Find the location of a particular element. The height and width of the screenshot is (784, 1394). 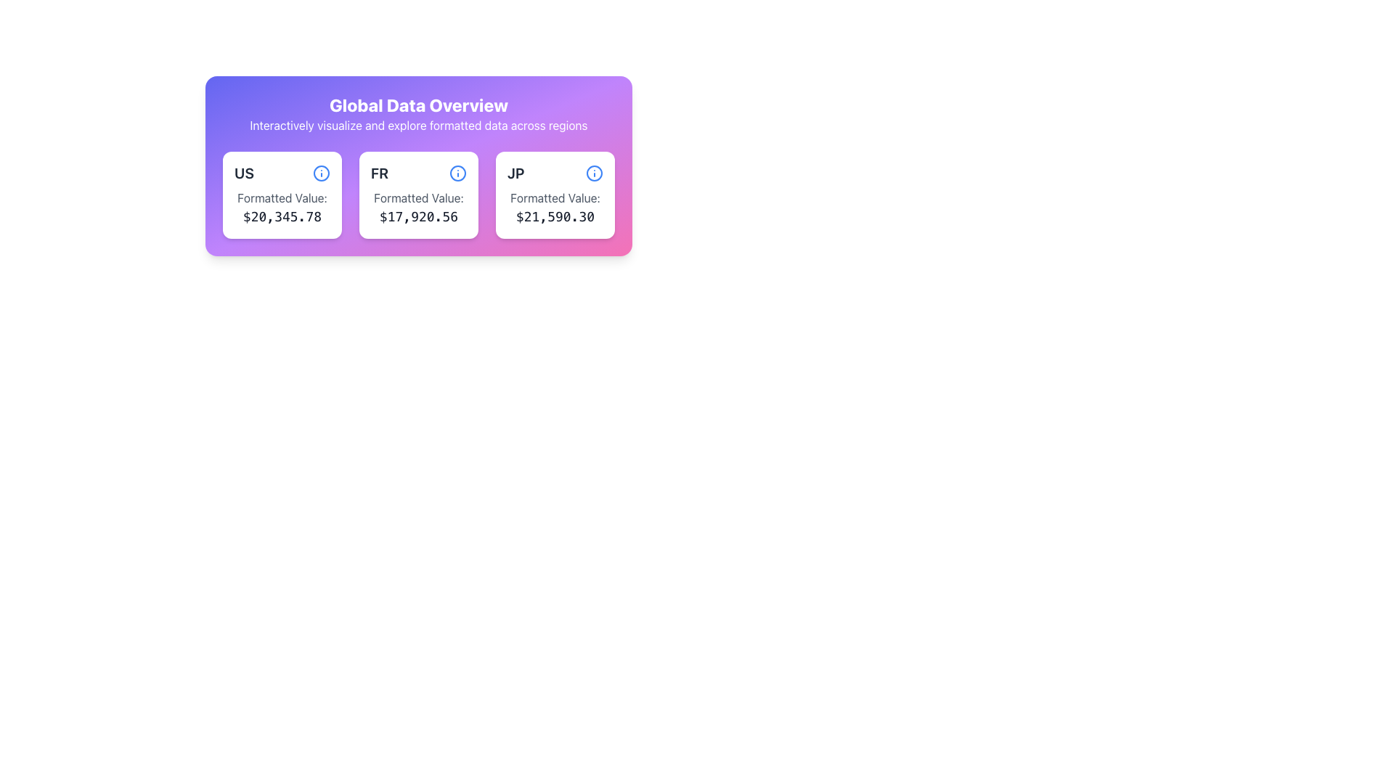

the Informational card displaying 'US' with a white background and rounded corners, located at the top-left corner of the grid is located at coordinates (282, 195).